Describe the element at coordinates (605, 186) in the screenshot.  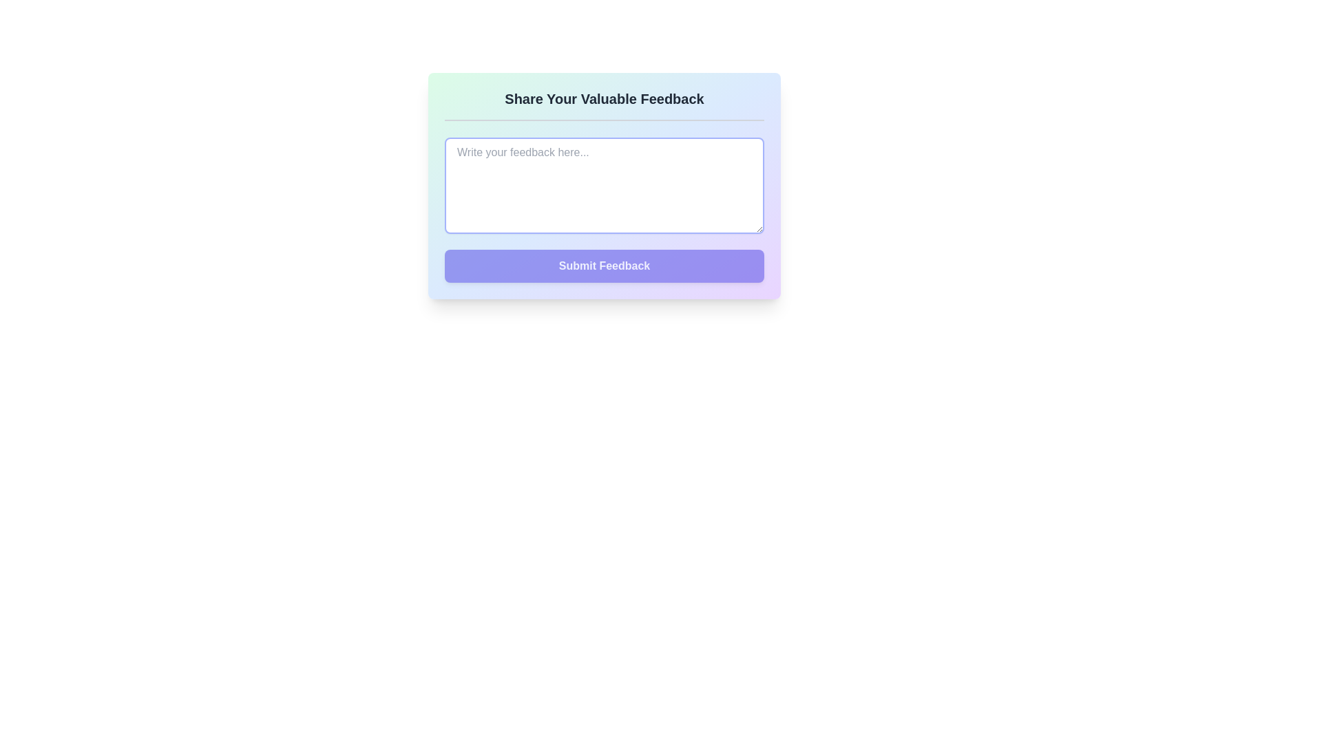
I see `the input text area of the feedback submission form` at that location.